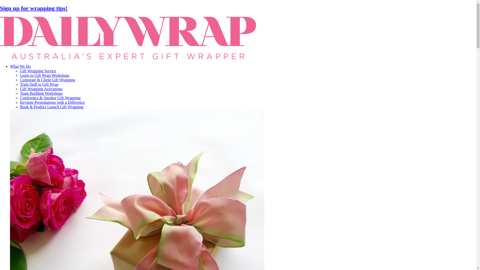 Image resolution: width=480 pixels, height=270 pixels. Describe the element at coordinates (39, 84) in the screenshot. I see `'Train Staff to Gift Wrap'` at that location.